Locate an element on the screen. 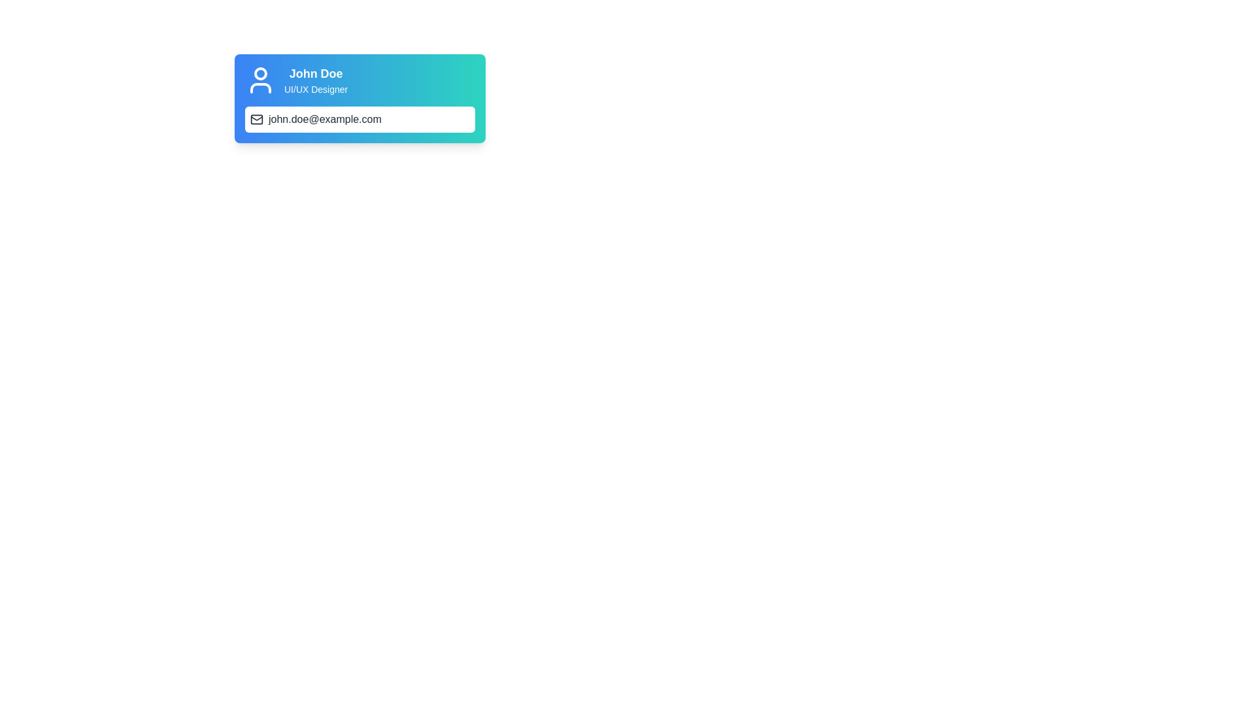  the rectangular section containing the envelope icon and the email address 'john.doe@example.com' with rounded corners and a white background, located near the bottom right of the user details section is located at coordinates (360, 119).